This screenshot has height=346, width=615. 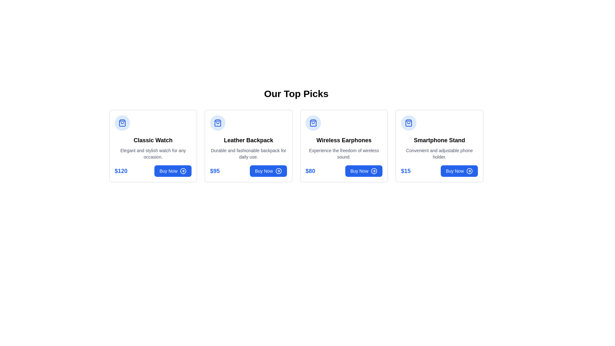 What do you see at coordinates (121, 170) in the screenshot?
I see `text displayed in the bold blue font showing '$120', located below the item name in the 'Classic Watch' section, to the left of the 'Buy Now' button` at bounding box center [121, 170].